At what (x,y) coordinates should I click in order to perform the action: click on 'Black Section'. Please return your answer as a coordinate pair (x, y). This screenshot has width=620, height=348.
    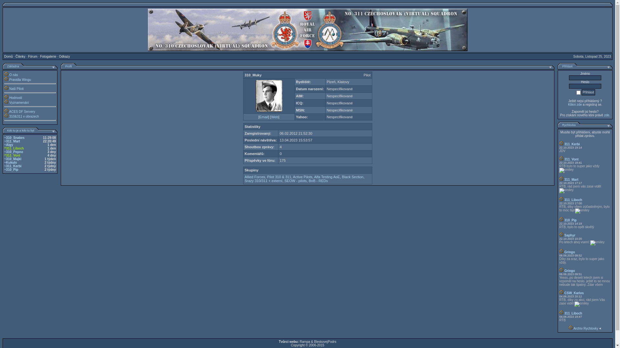
    Looking at the image, I should click on (352, 177).